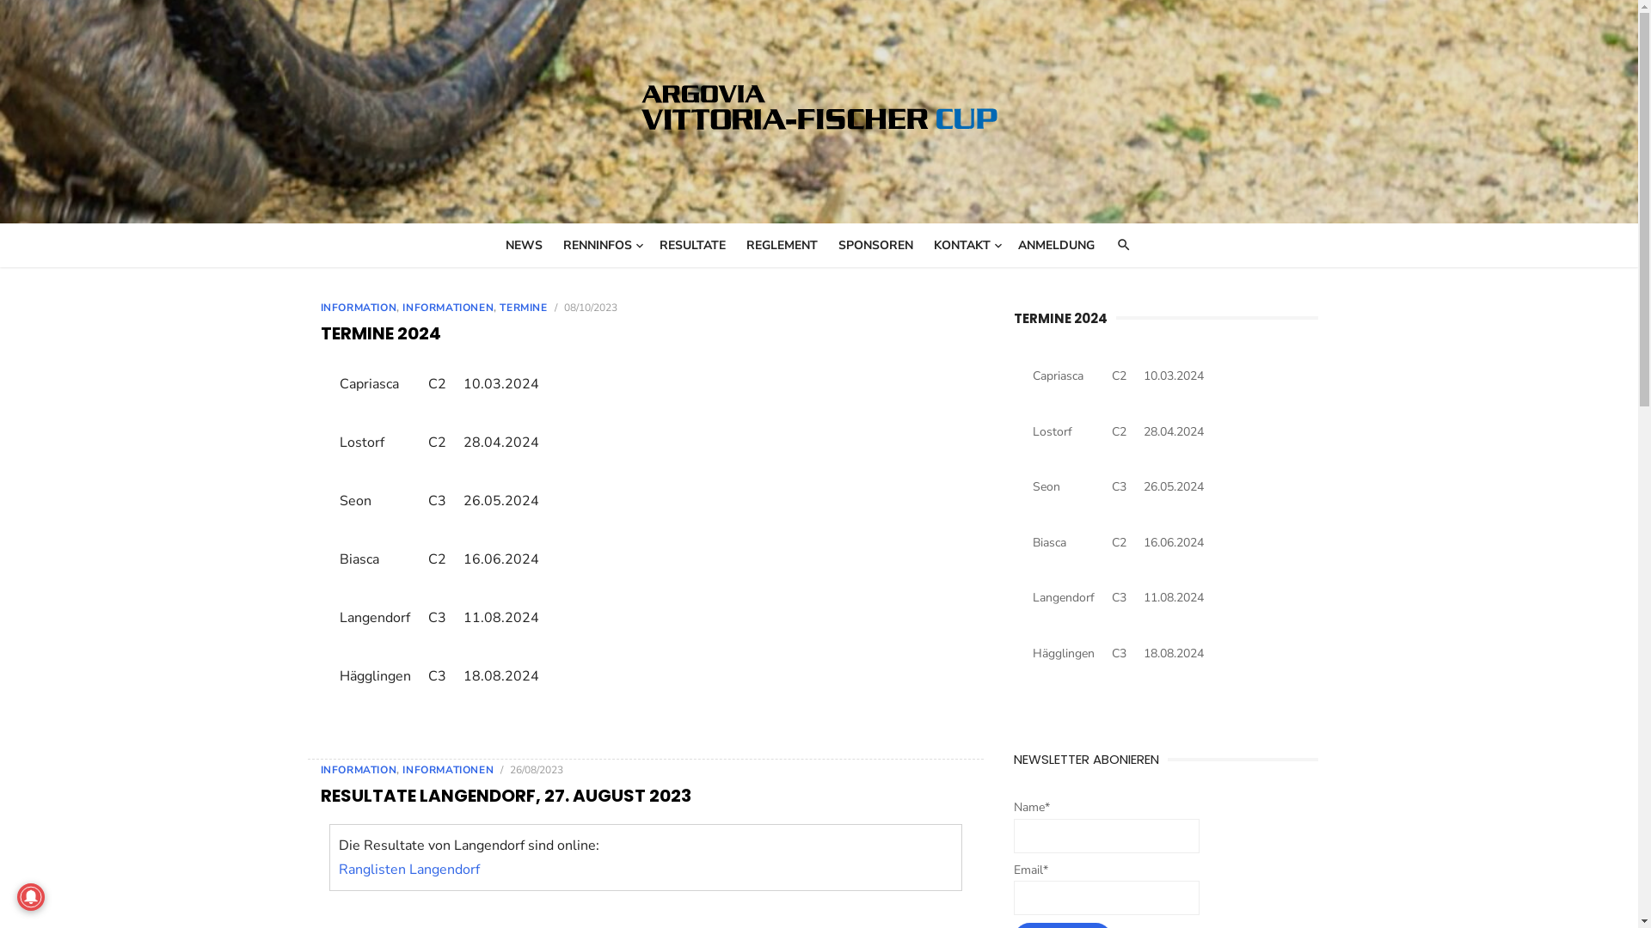  What do you see at coordinates (522, 307) in the screenshot?
I see `'TERMINE'` at bounding box center [522, 307].